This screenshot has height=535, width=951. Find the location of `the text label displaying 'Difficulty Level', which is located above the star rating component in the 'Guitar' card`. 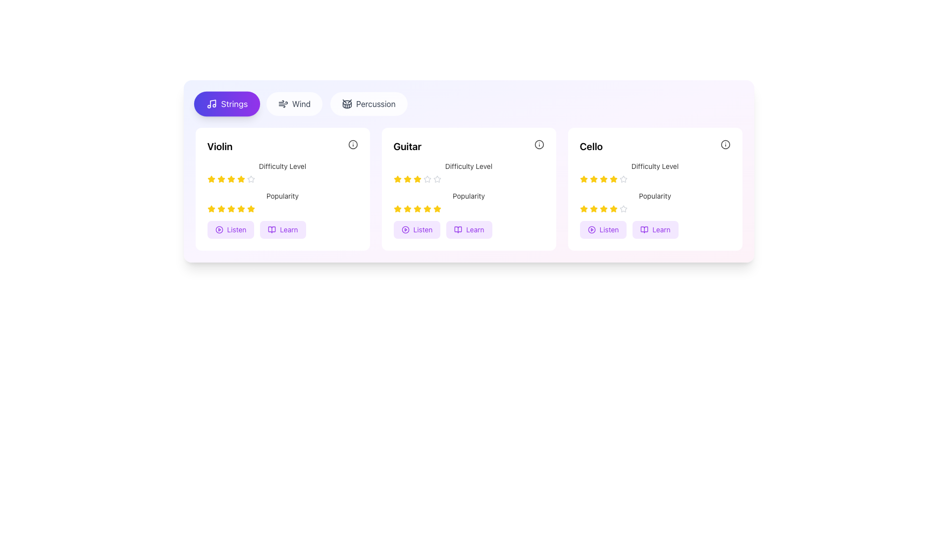

the text label displaying 'Difficulty Level', which is located above the star rating component in the 'Guitar' card is located at coordinates (468, 165).